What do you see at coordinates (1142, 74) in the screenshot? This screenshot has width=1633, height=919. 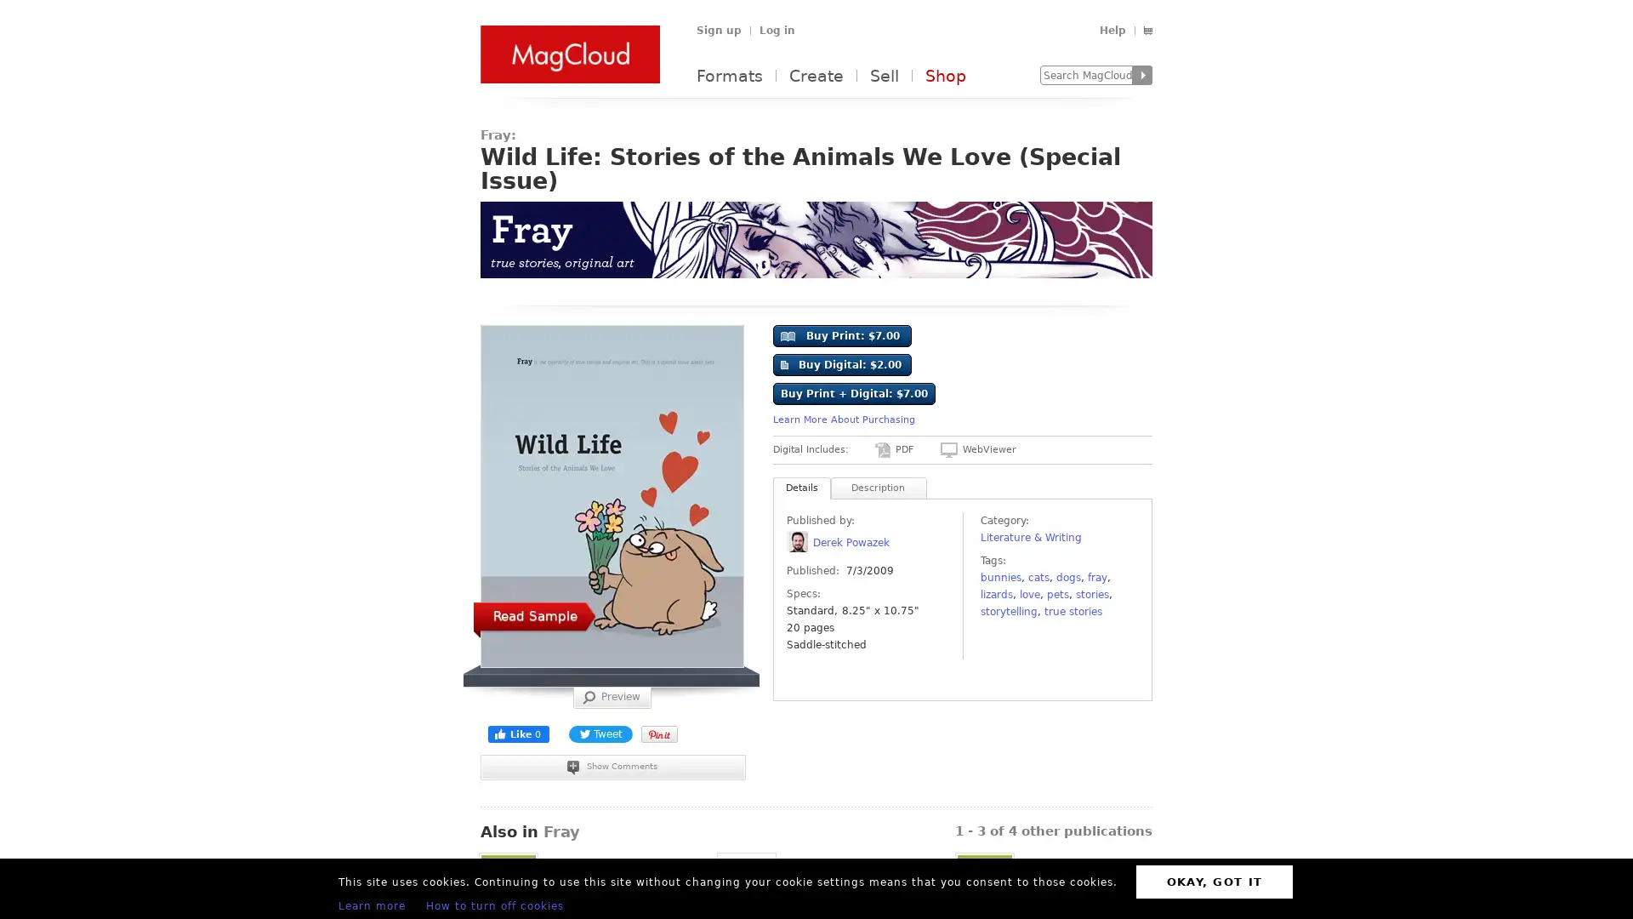 I see `Submit` at bounding box center [1142, 74].